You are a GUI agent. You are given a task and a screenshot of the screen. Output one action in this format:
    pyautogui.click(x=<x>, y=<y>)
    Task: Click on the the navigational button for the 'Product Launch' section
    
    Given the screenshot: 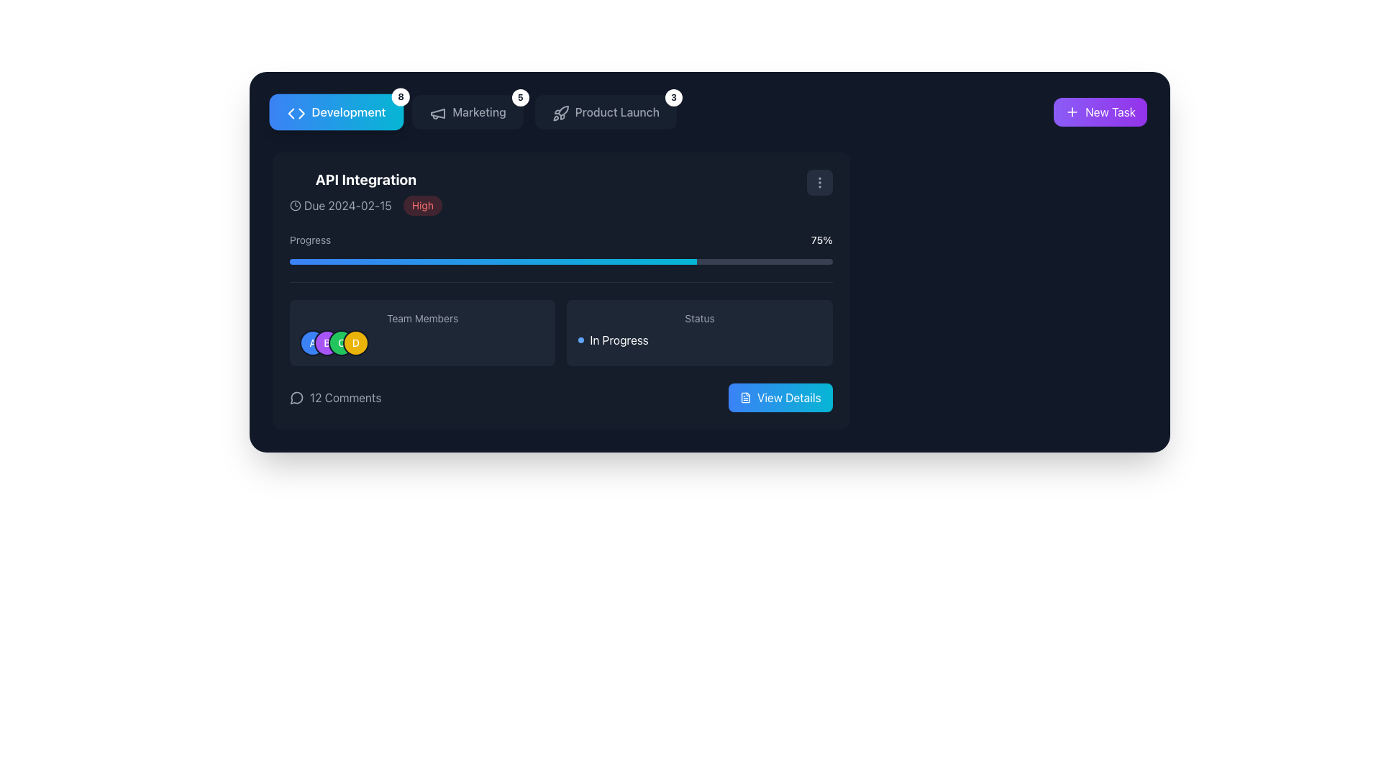 What is the action you would take?
    pyautogui.click(x=606, y=111)
    